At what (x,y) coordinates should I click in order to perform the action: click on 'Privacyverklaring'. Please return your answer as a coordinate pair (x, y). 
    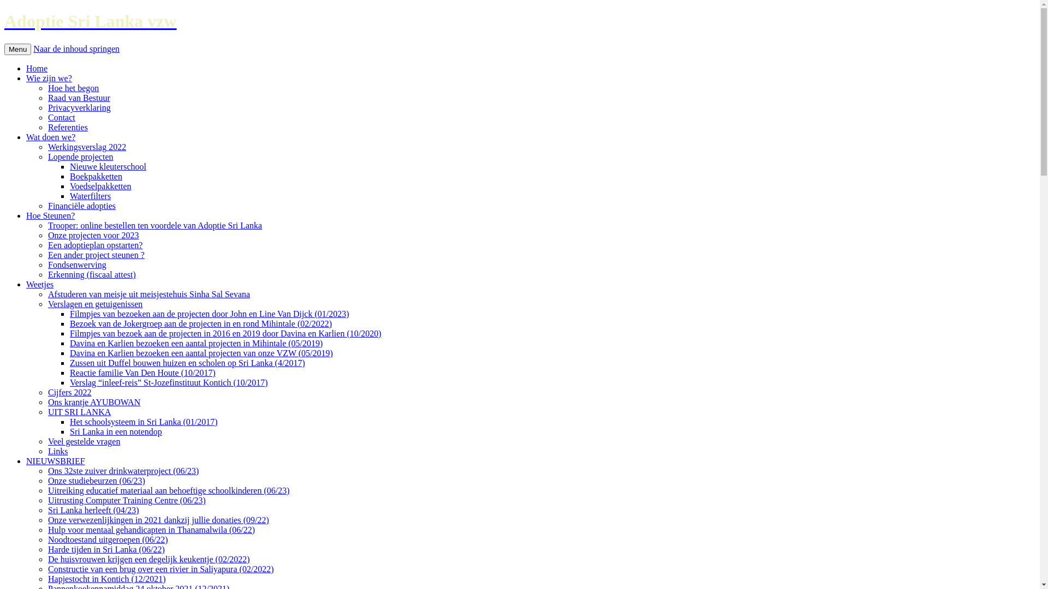
    Looking at the image, I should click on (79, 107).